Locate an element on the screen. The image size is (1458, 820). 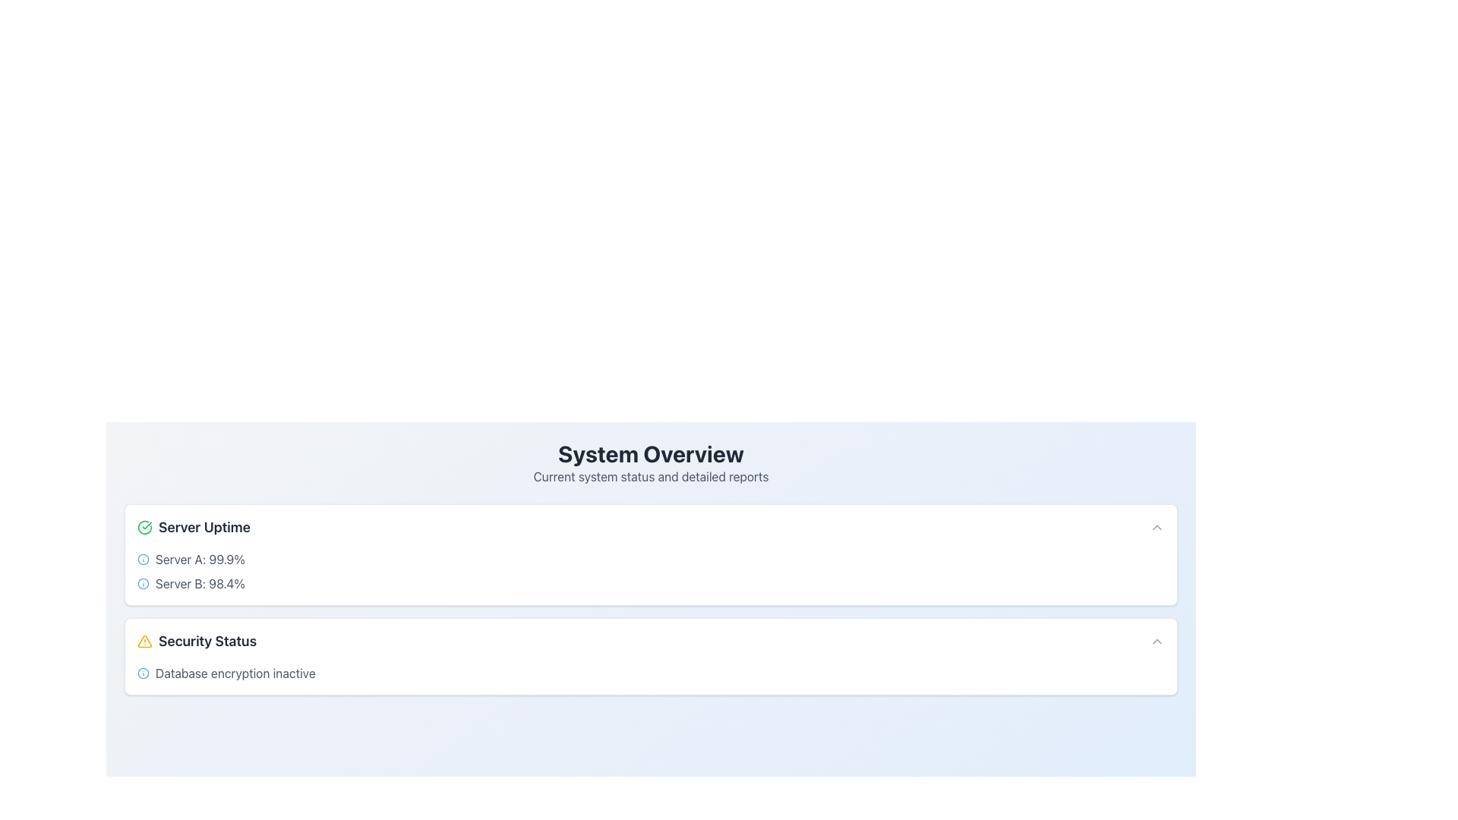
the triangular warning icon with a yellow border and exclamation mark located next to 'Security Status' in the security information panel is located at coordinates (145, 641).